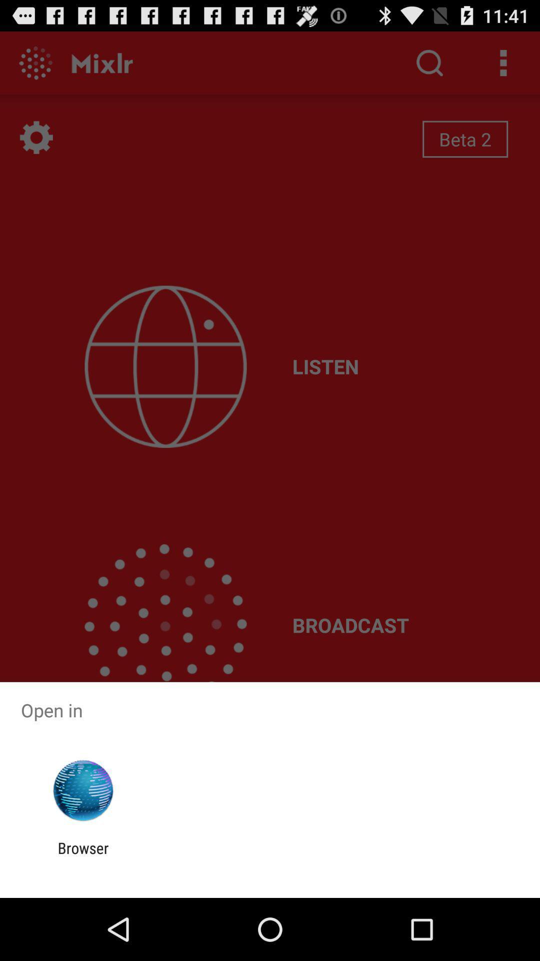  Describe the element at coordinates (82, 856) in the screenshot. I see `browser` at that location.